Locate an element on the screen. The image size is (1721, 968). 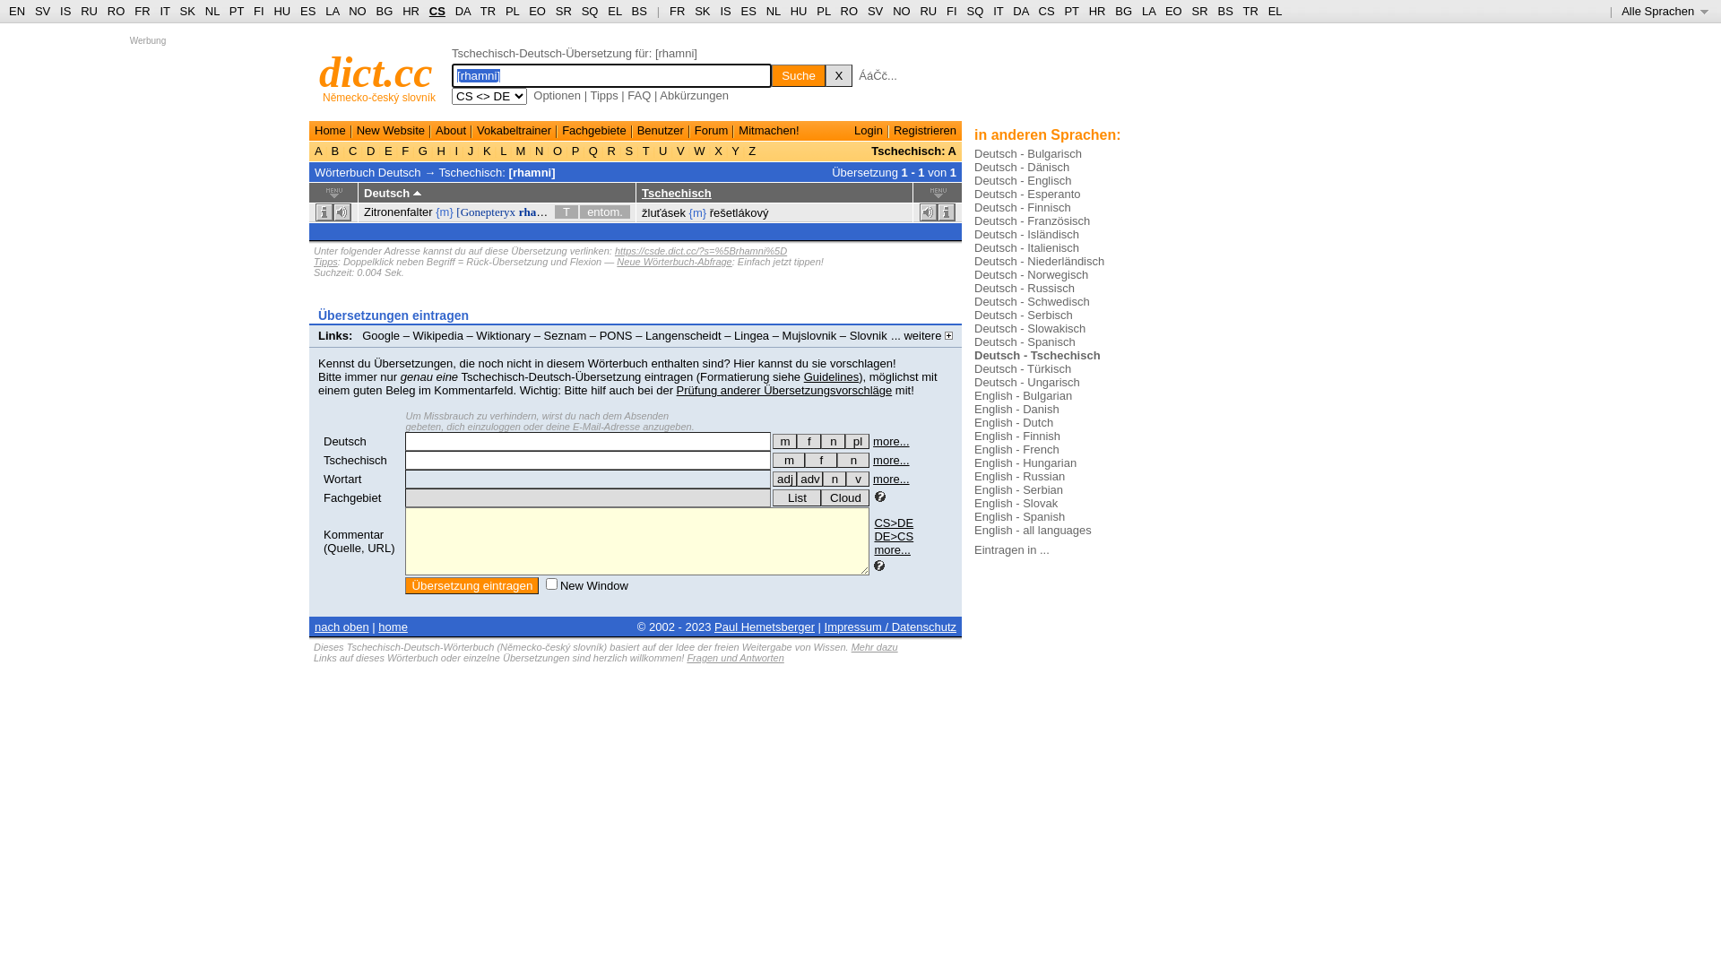
'L' is located at coordinates (502, 150).